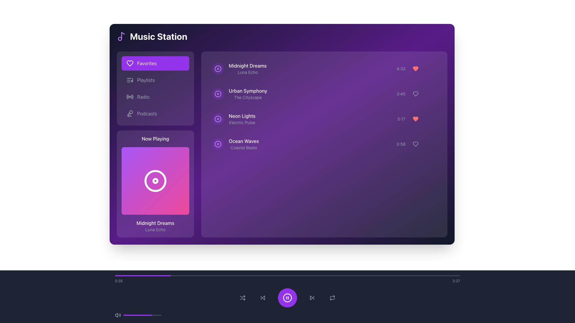 This screenshot has width=575, height=323. Describe the element at coordinates (152, 36) in the screenshot. I see `the bold, large white text label reading 'Music Station' located at the top-left corner of the main interface, adjacent to the purple music note icon` at that location.